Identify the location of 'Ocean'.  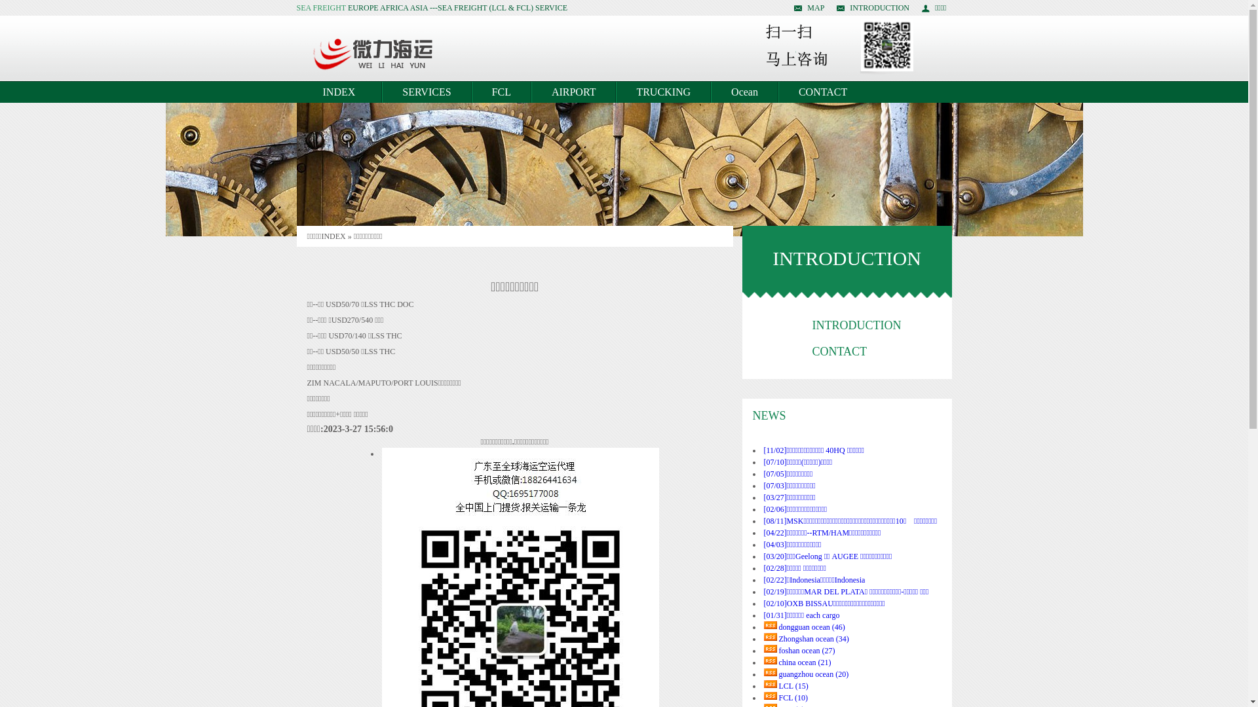
(744, 92).